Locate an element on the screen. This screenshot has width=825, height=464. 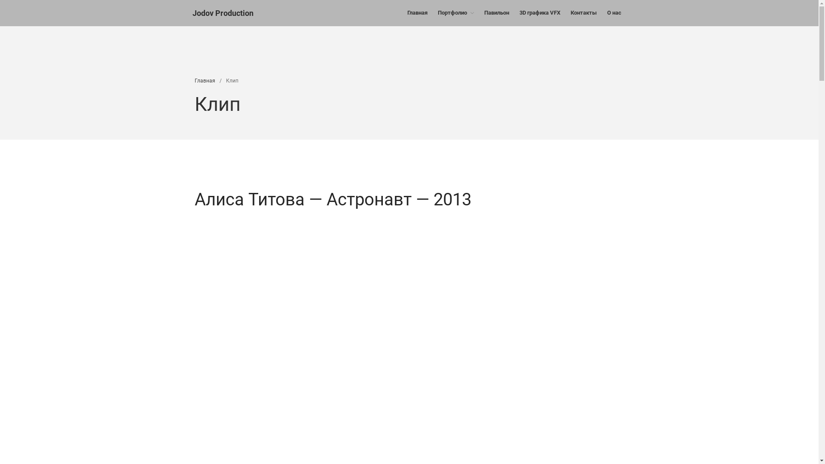
'Jodov Production' is located at coordinates (223, 13).